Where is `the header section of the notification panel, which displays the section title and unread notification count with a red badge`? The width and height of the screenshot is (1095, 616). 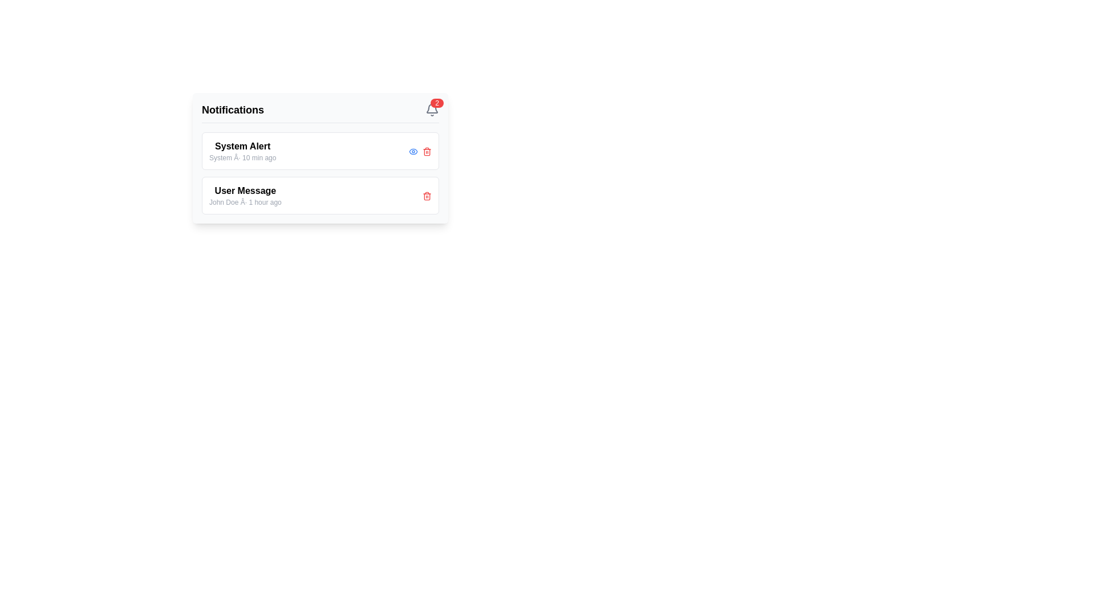 the header section of the notification panel, which displays the section title and unread notification count with a red badge is located at coordinates (319, 112).